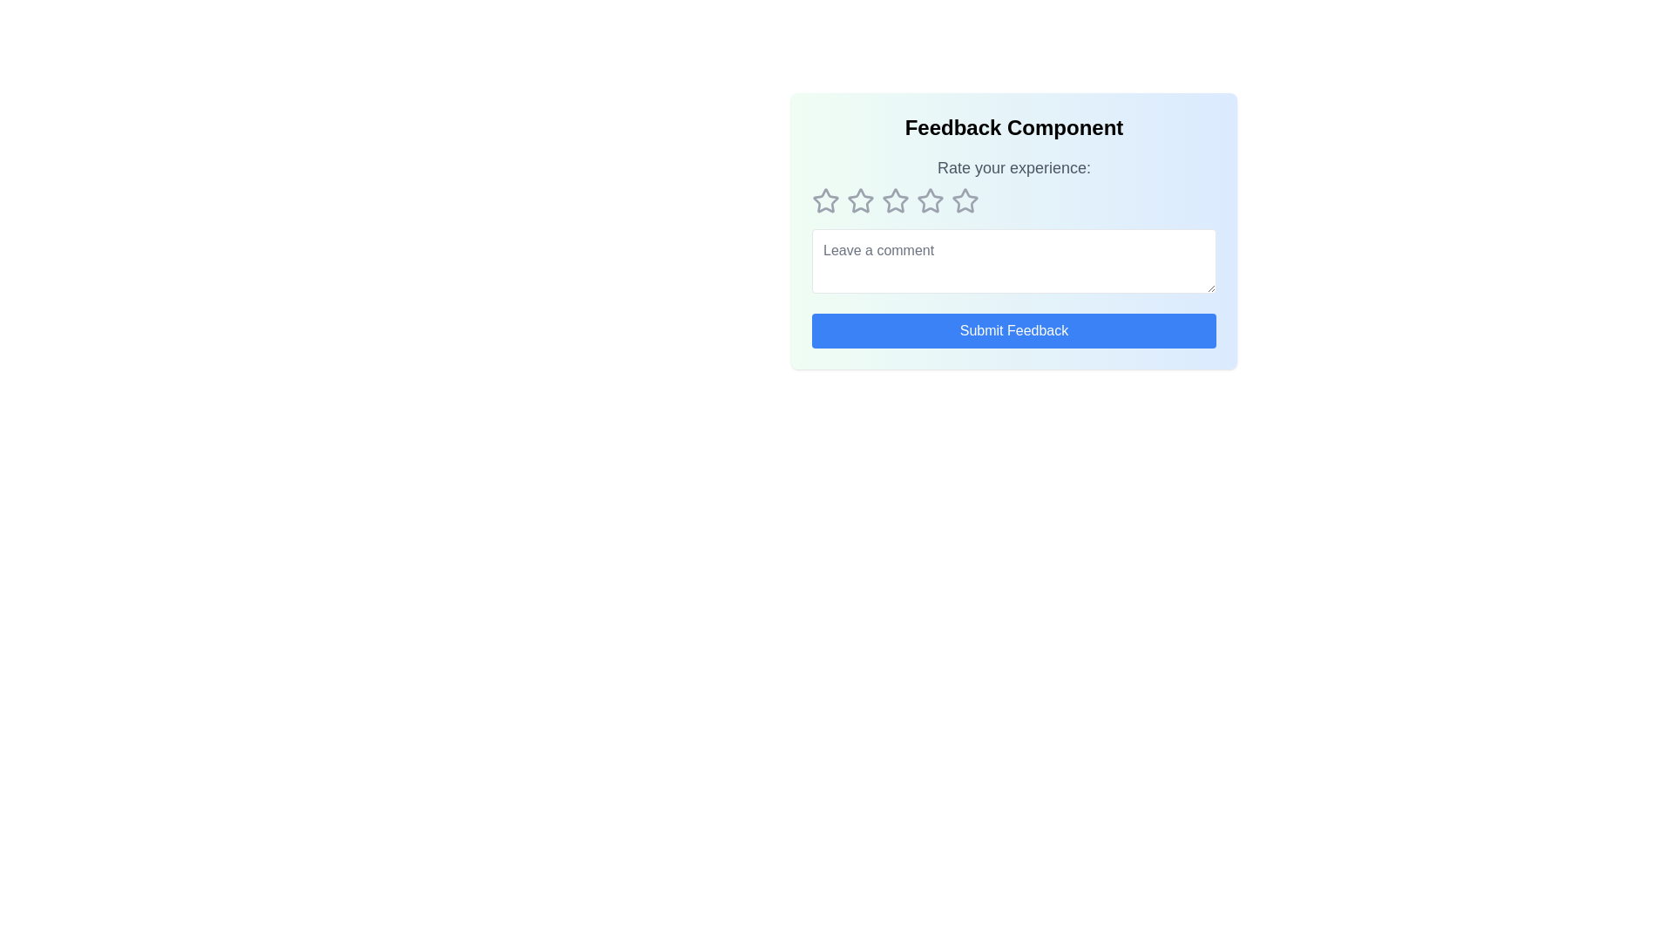 The width and height of the screenshot is (1673, 941). I want to click on the second Rating Star Icon, so click(895, 200).